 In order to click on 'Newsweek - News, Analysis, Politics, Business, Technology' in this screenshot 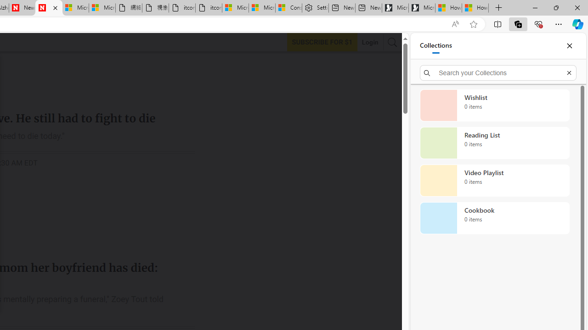, I will do `click(22, 8)`.